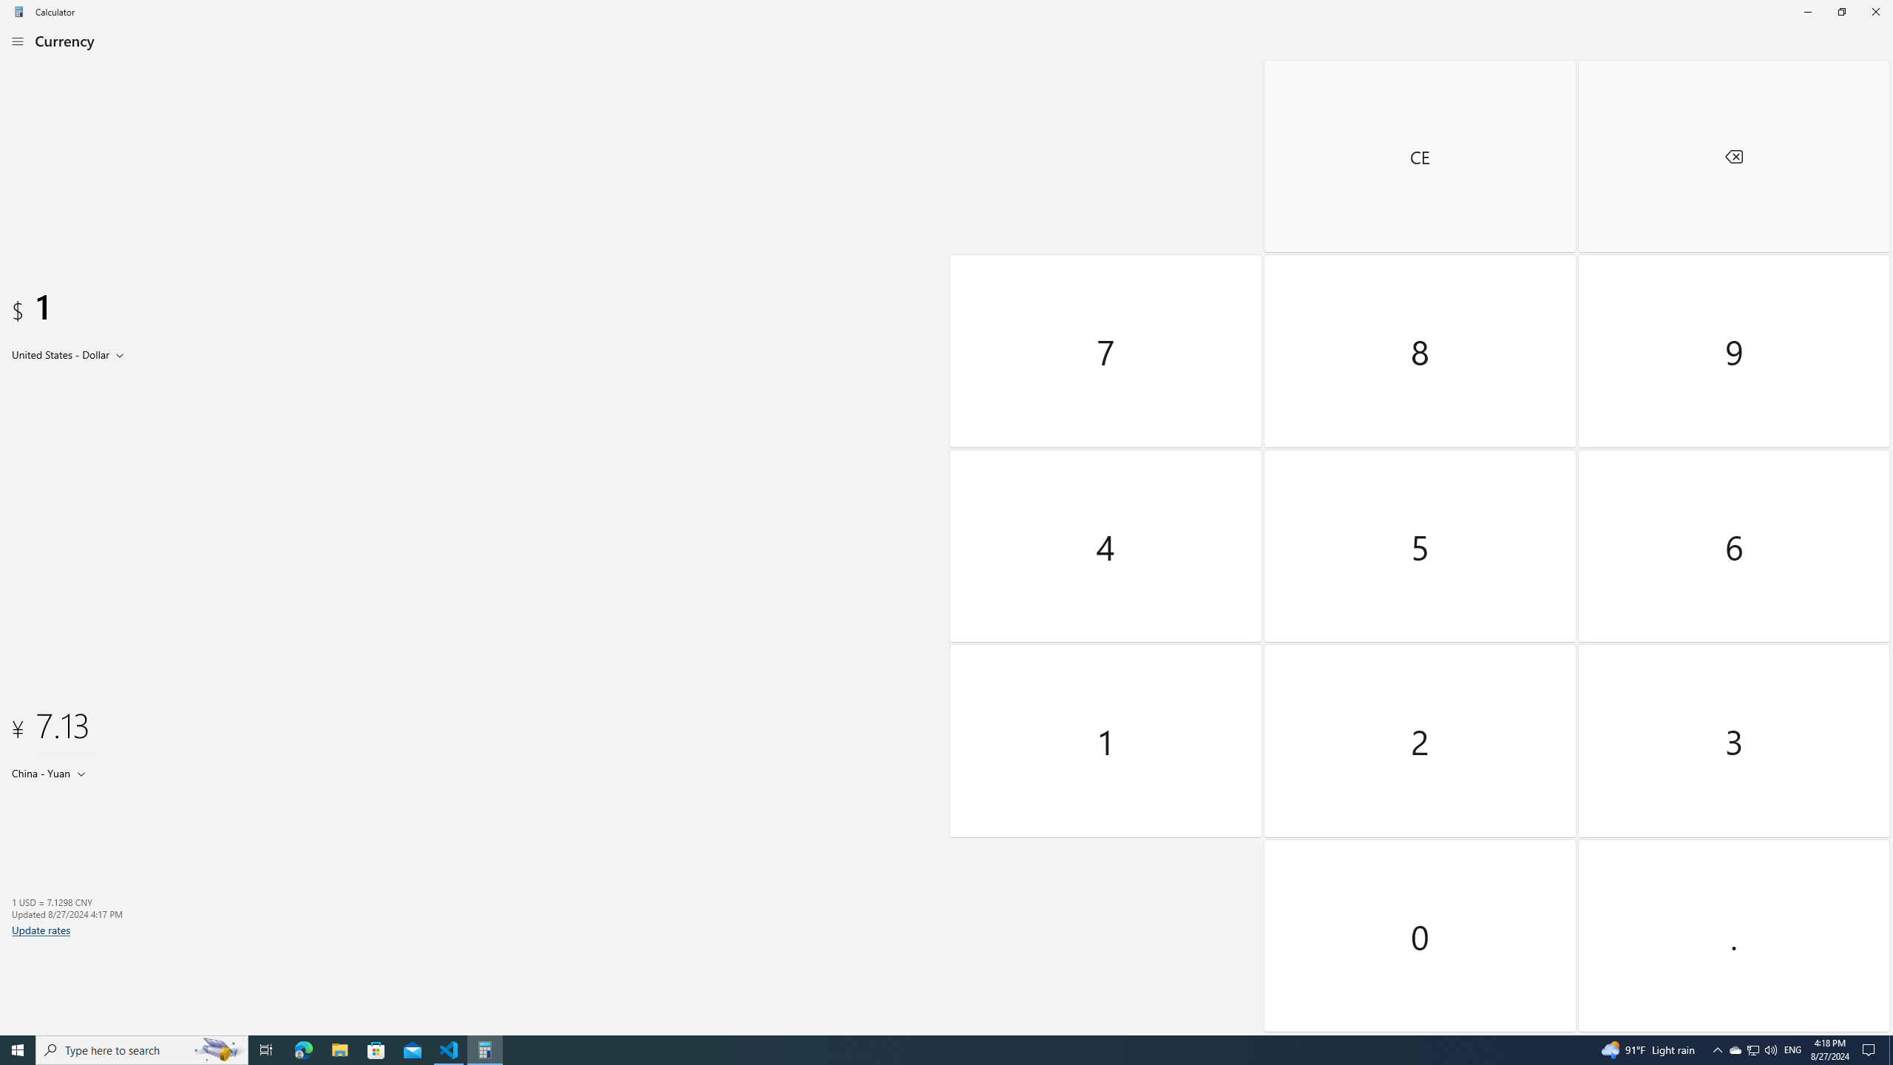  What do you see at coordinates (1875, 11) in the screenshot?
I see `'Close Calculator'` at bounding box center [1875, 11].